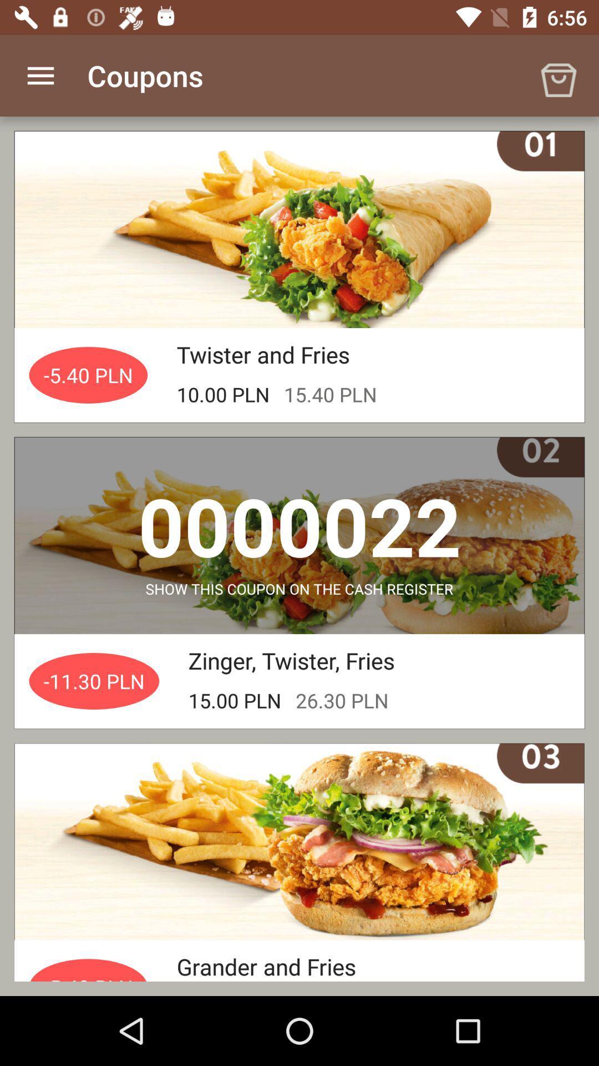 The height and width of the screenshot is (1066, 599). Describe the element at coordinates (558, 75) in the screenshot. I see `the icon next to coupons icon` at that location.